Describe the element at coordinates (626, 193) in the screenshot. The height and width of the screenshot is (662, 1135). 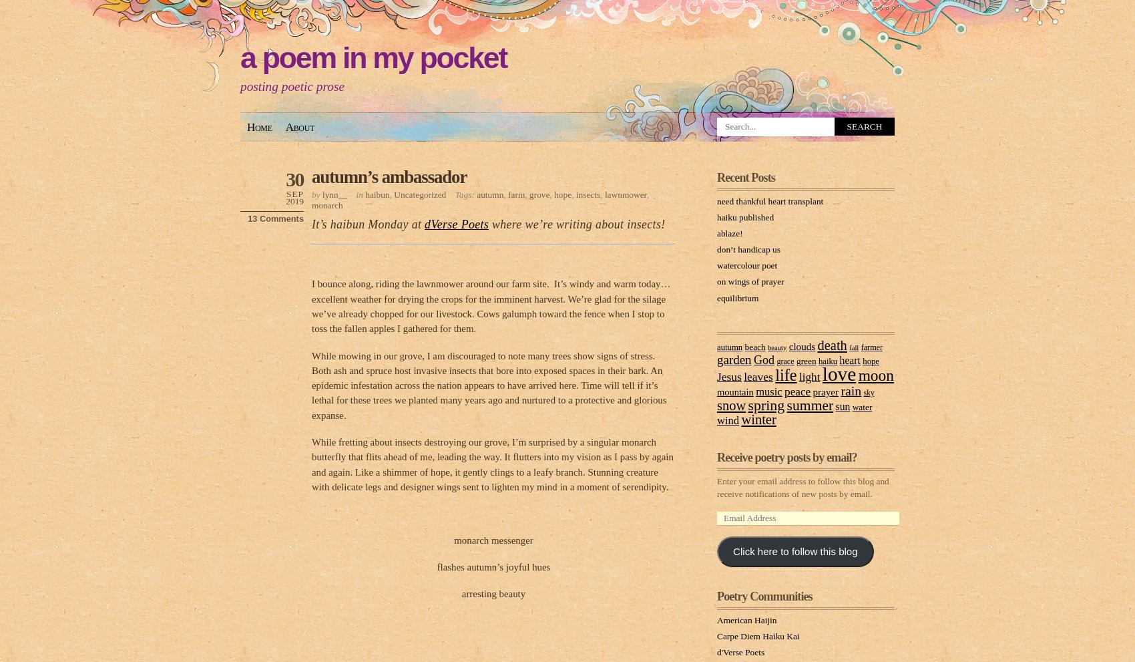
I see `'lawnmower'` at that location.